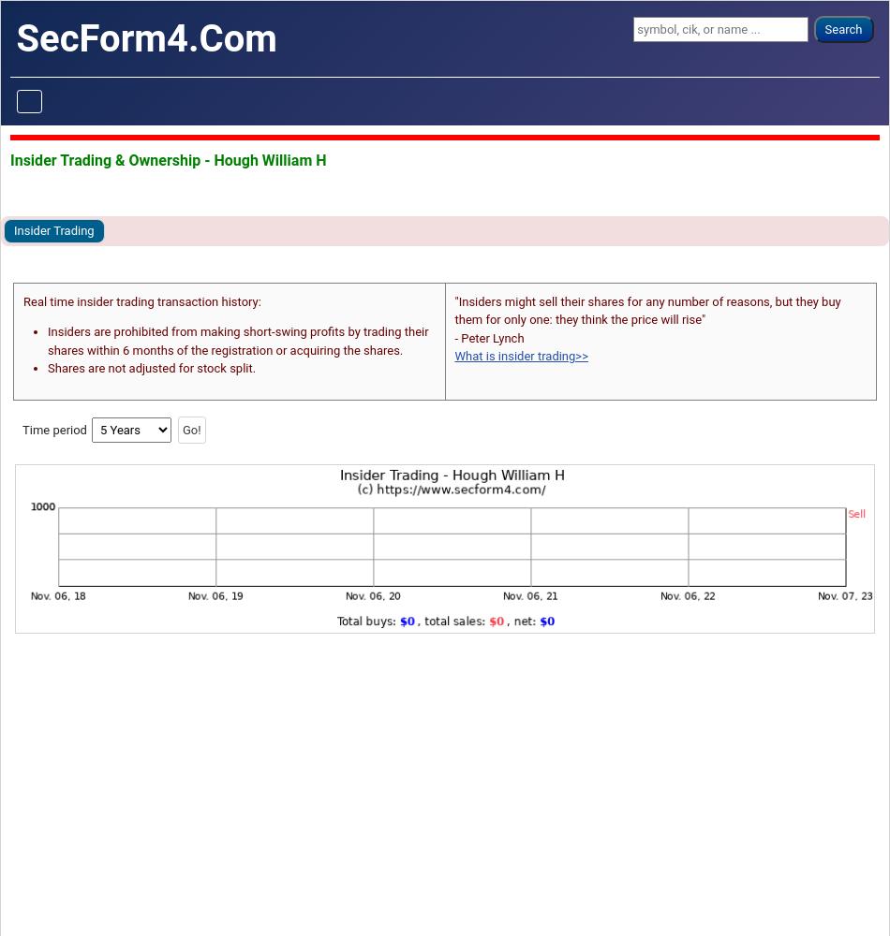  I want to click on 'Search', so click(842, 28).